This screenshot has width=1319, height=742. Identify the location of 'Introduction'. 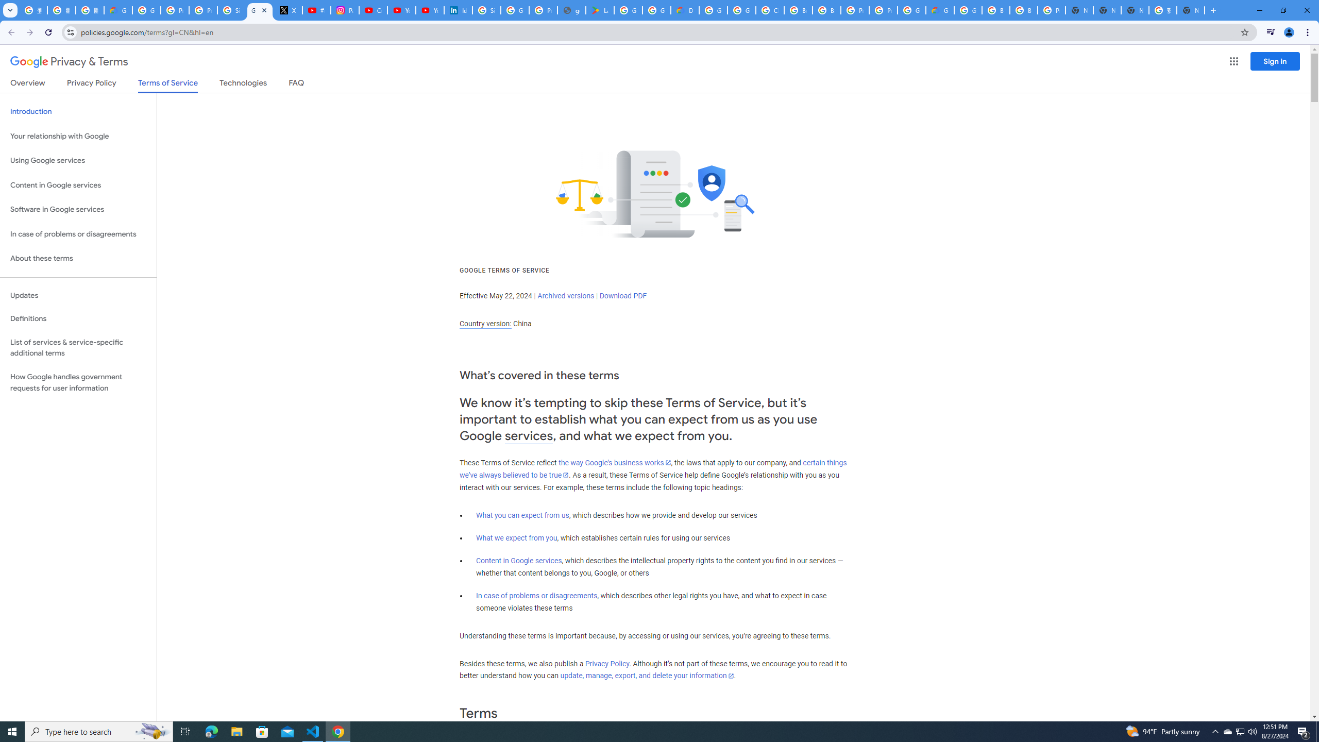
(78, 111).